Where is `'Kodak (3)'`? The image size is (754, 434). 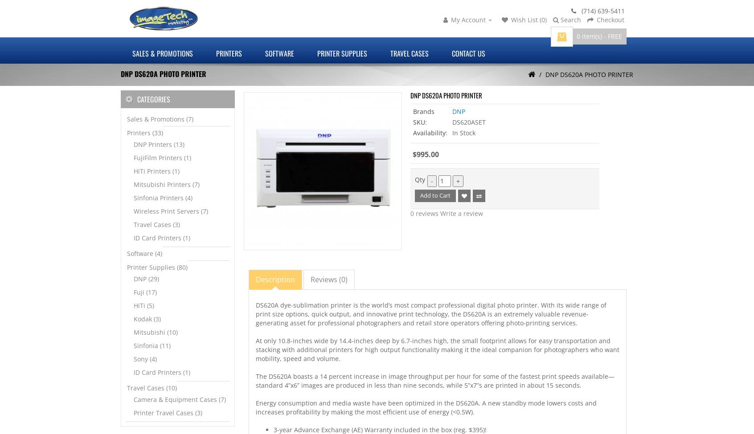 'Kodak (3)' is located at coordinates (147, 318).